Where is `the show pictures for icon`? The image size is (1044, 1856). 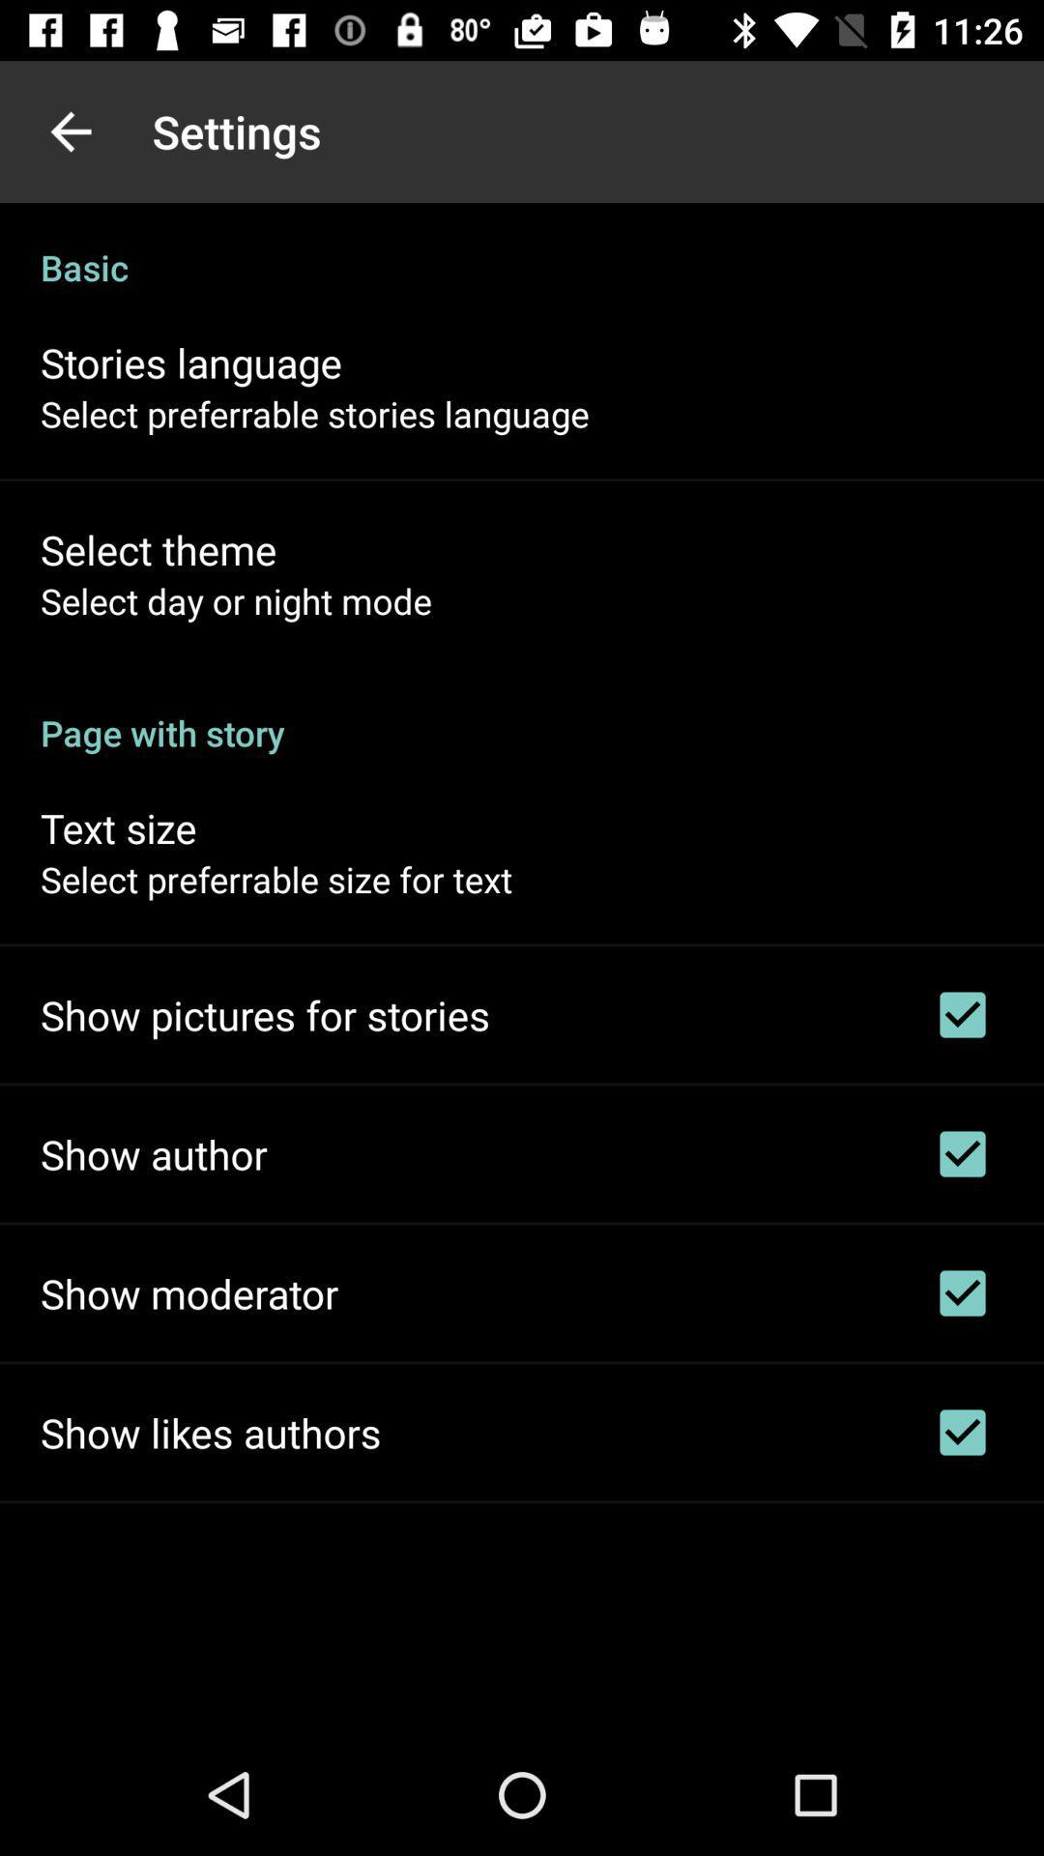
the show pictures for icon is located at coordinates (265, 1014).